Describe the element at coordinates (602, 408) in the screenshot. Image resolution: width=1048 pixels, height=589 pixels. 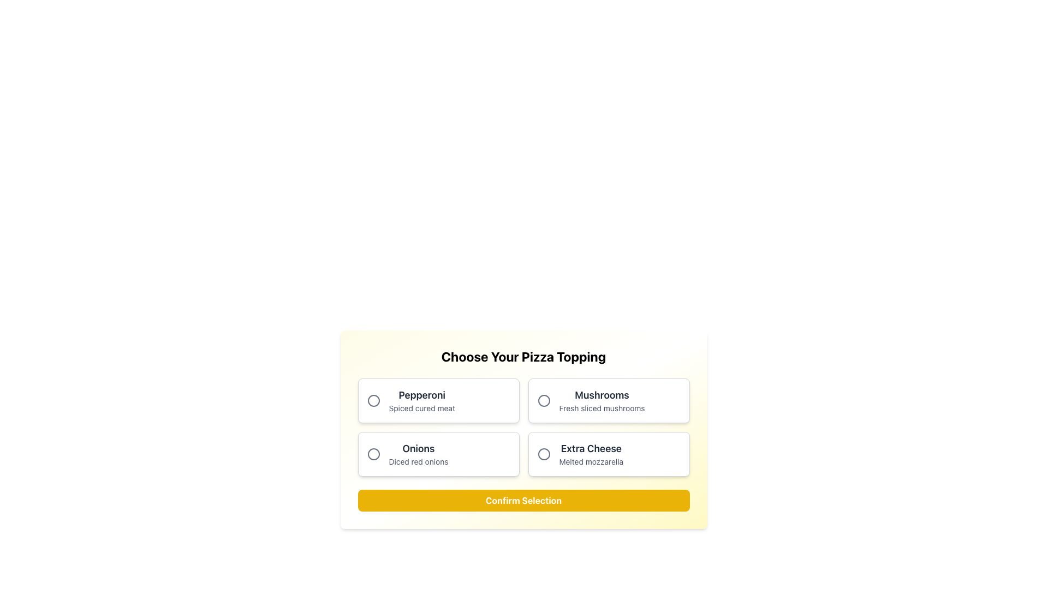
I see `the Text Label that provides additional information about the 'Mushrooms' topping option, located directly below the 'Mushrooms' label in the pizza topping selection grid` at that location.